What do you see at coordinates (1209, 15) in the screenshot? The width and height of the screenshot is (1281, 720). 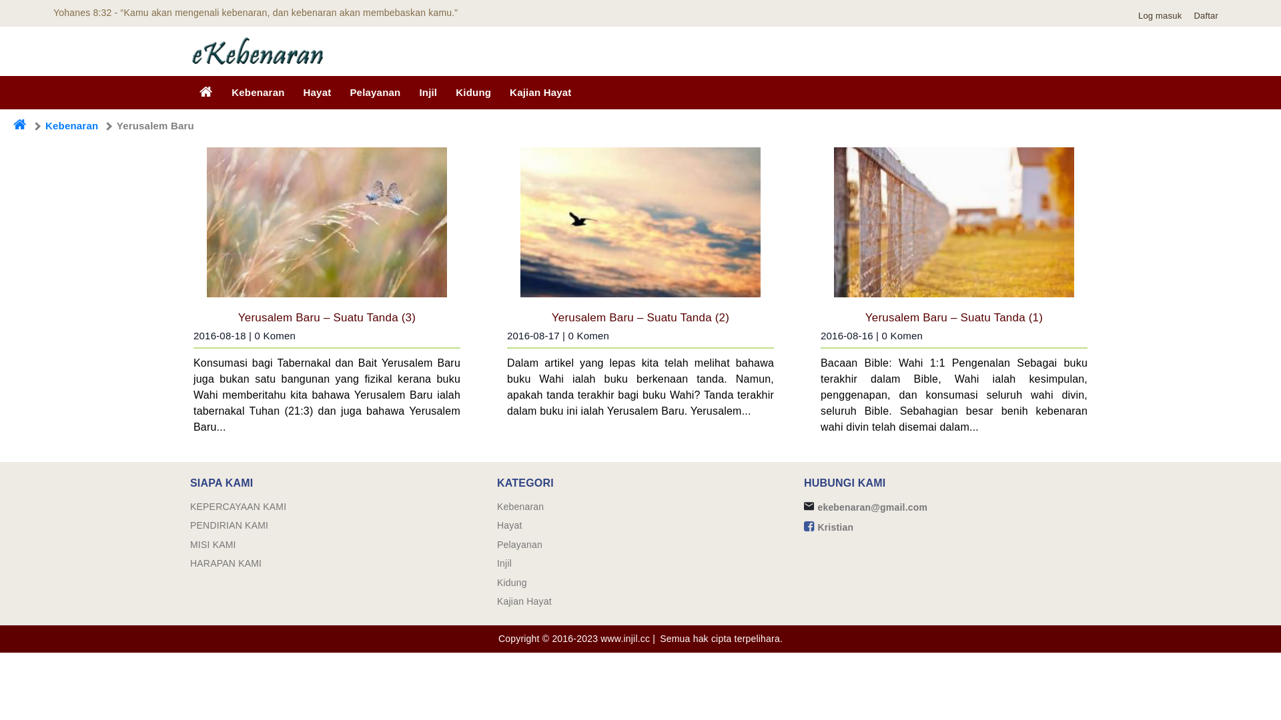 I see `'Daftar'` at bounding box center [1209, 15].